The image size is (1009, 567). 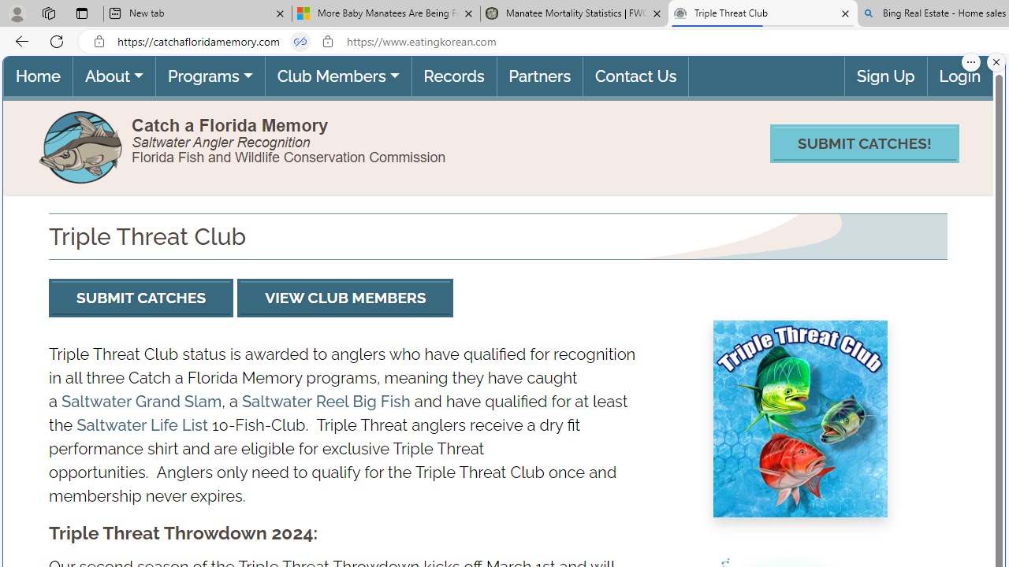 I want to click on 'Contact Us', so click(x=636, y=76).